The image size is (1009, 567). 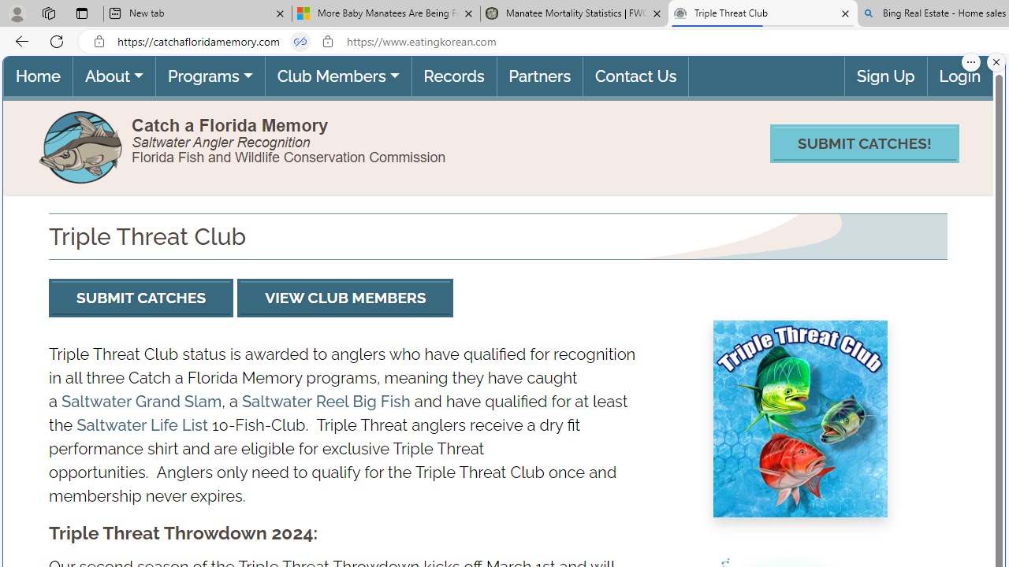 I want to click on 'Contact Us', so click(x=636, y=76).